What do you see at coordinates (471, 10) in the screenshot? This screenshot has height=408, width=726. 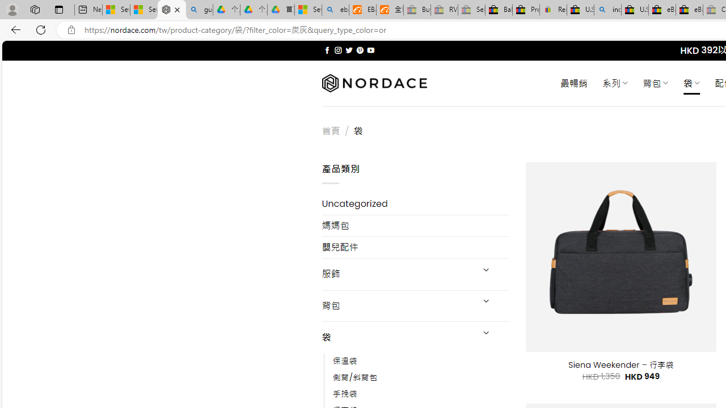 I see `'Sell worldwide with eBay - Sleeping'` at bounding box center [471, 10].